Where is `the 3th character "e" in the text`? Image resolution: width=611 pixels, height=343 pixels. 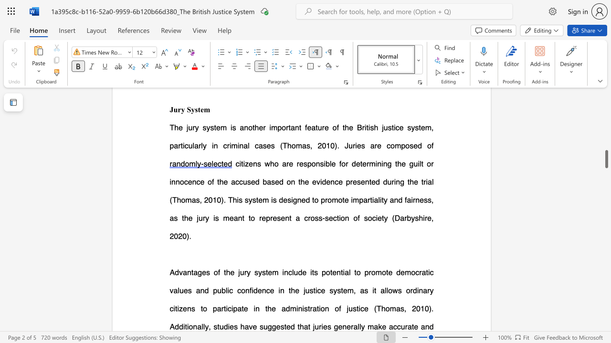
the 3th character "e" in the text is located at coordinates (232, 326).